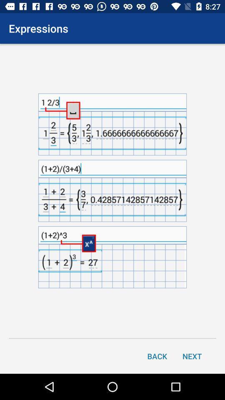 The width and height of the screenshot is (225, 400). Describe the element at coordinates (192, 355) in the screenshot. I see `the icon next to the back item` at that location.